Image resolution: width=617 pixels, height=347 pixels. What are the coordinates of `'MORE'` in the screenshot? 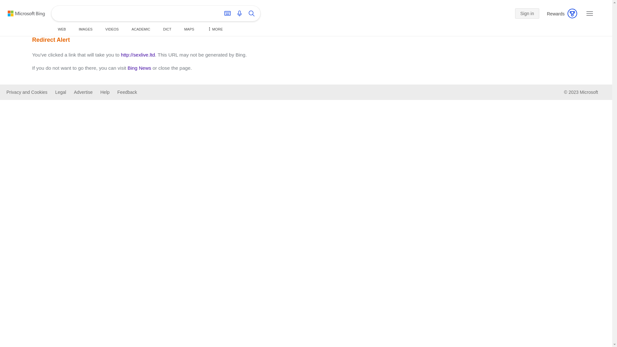 It's located at (204, 29).